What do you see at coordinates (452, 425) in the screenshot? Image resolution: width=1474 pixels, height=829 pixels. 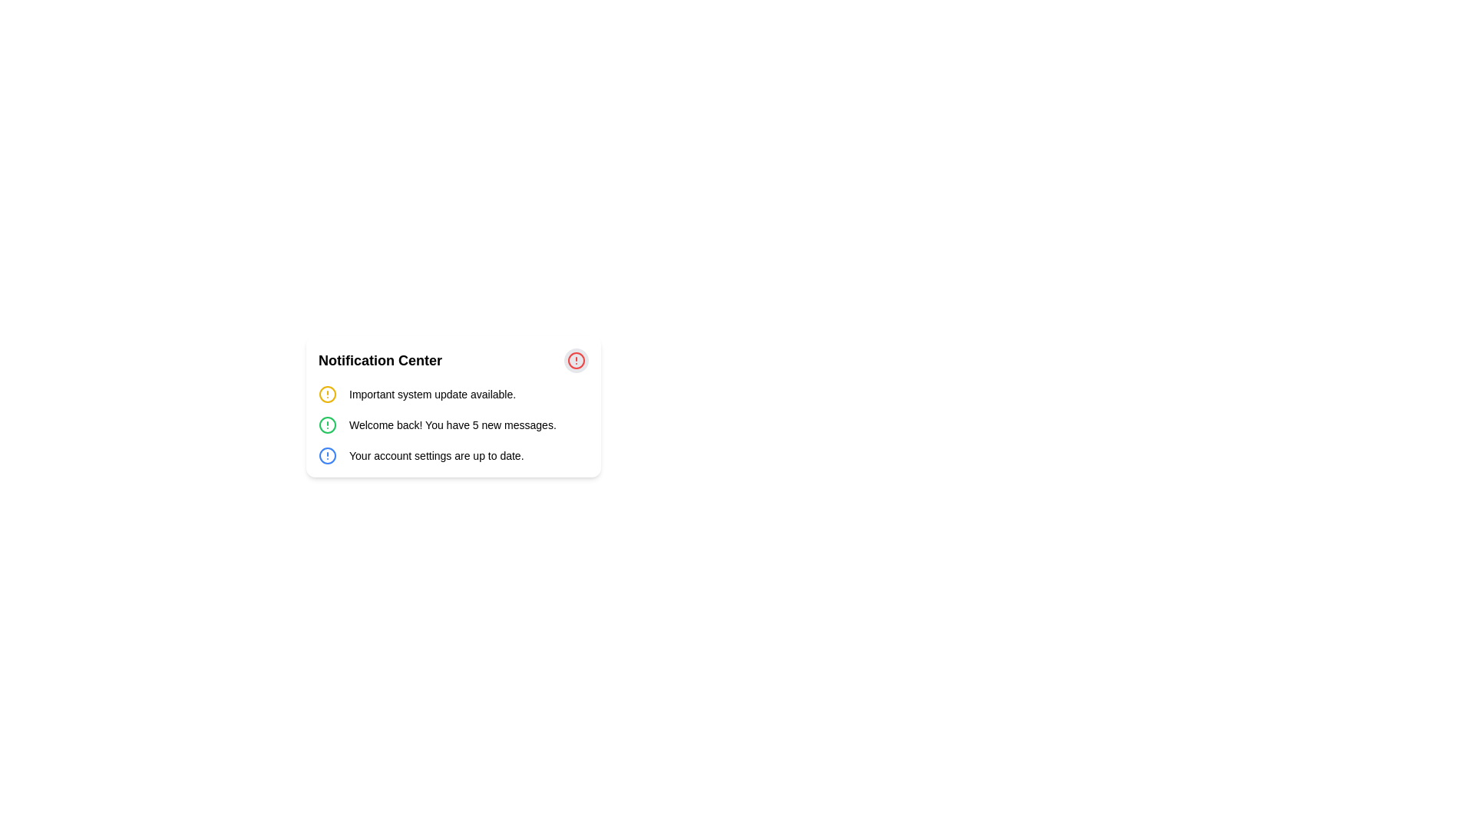 I see `the second row text notification about new messages` at bounding box center [452, 425].